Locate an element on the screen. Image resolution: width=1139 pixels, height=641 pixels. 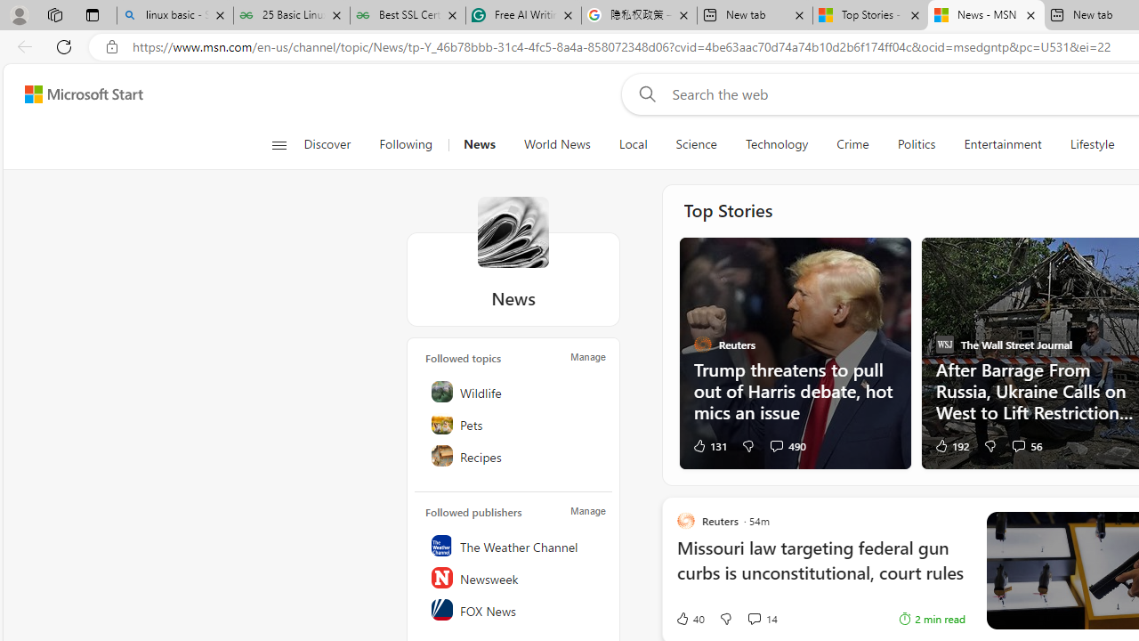
'News - MSN' is located at coordinates (985, 15).